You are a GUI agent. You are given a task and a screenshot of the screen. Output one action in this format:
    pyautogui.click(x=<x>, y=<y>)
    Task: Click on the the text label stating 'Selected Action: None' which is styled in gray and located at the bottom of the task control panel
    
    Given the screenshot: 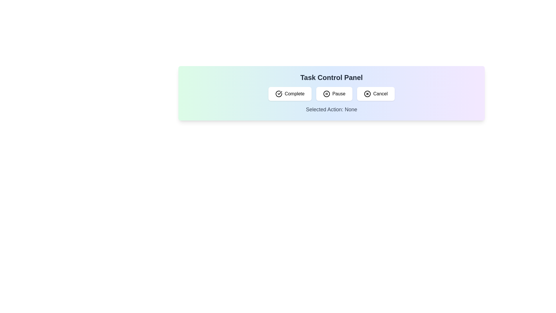 What is the action you would take?
    pyautogui.click(x=332, y=110)
    